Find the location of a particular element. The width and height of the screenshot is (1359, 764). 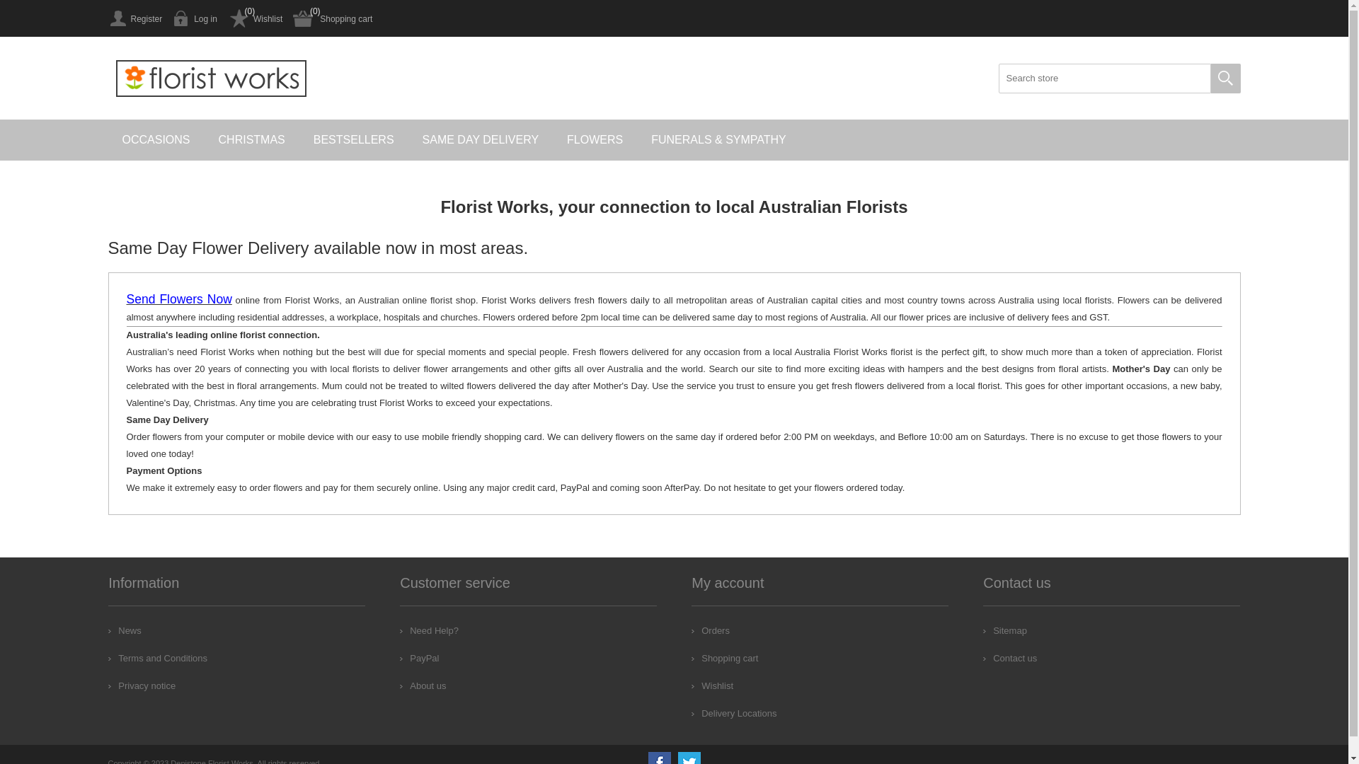

'Need Help?' is located at coordinates (428, 630).